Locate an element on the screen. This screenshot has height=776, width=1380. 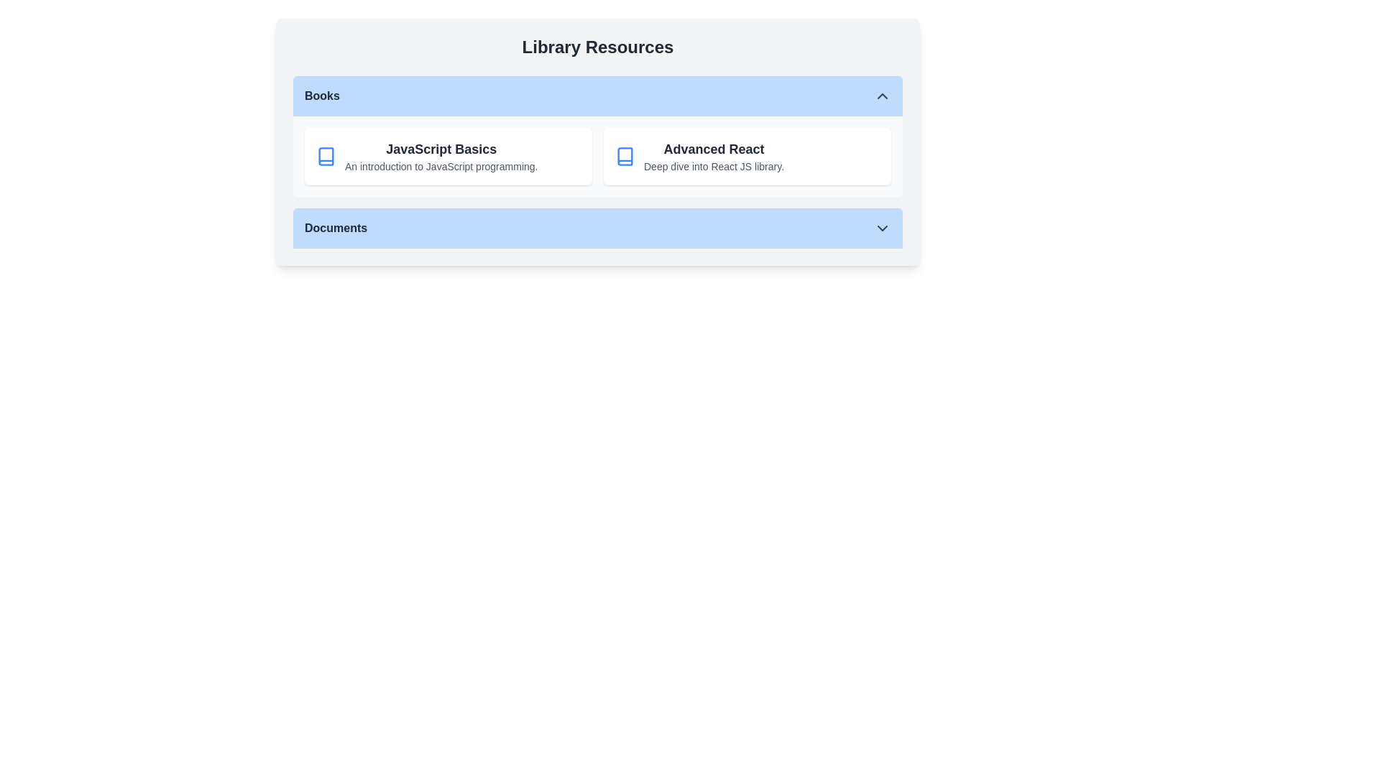
the second card in the 'Books' section of the 'Library Resources' panel, which features a blue book icon and the title 'Advanced React' is located at coordinates (747, 157).